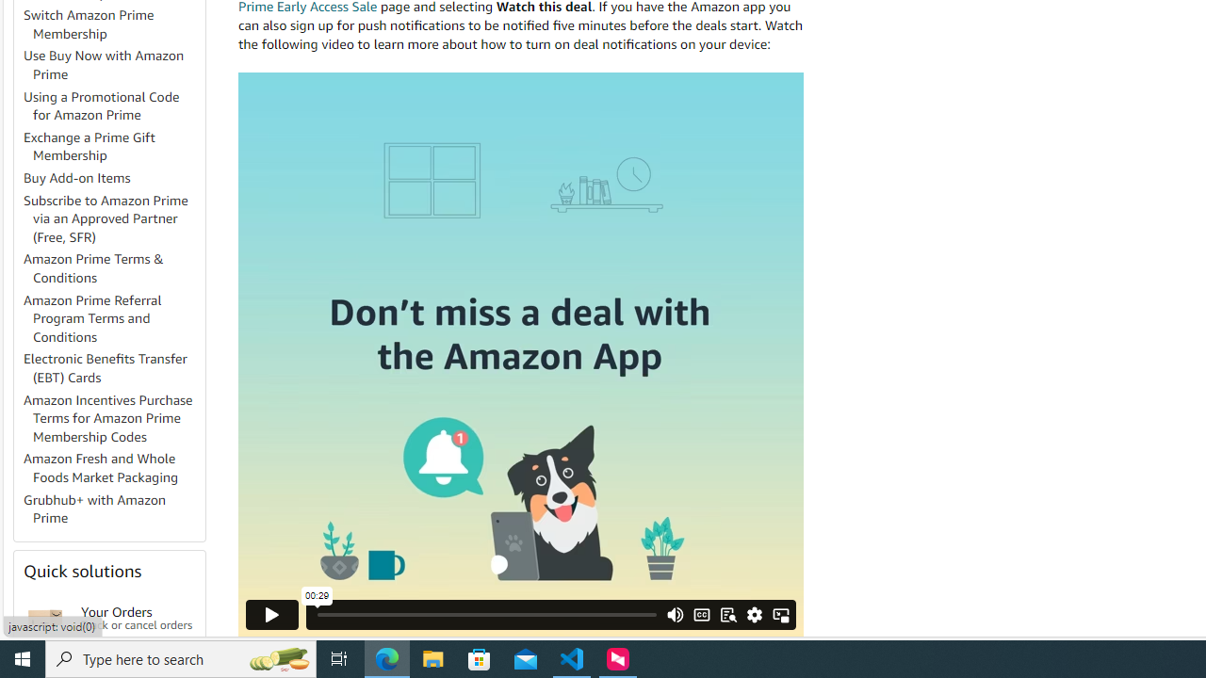 This screenshot has width=1206, height=678. I want to click on 'Picture-in-Picture', so click(780, 614).